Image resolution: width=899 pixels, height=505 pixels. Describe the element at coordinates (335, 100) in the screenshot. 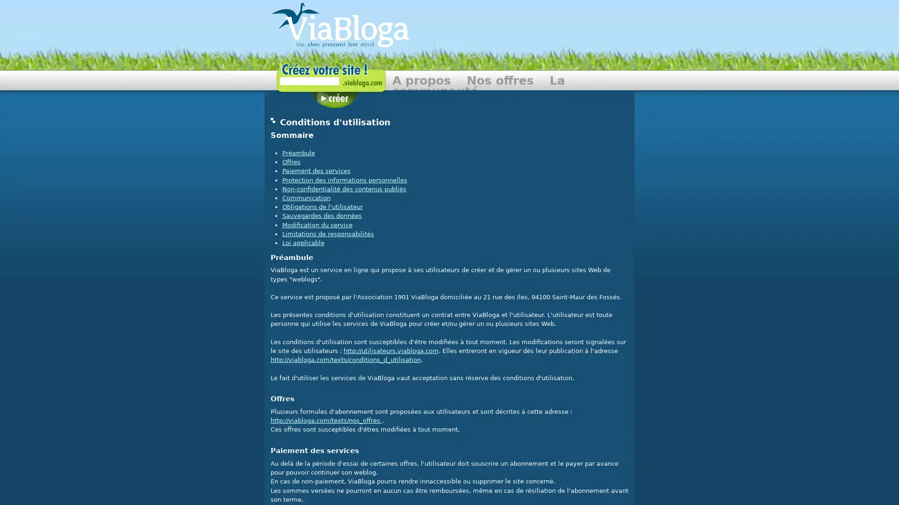

I see `Creer` at that location.